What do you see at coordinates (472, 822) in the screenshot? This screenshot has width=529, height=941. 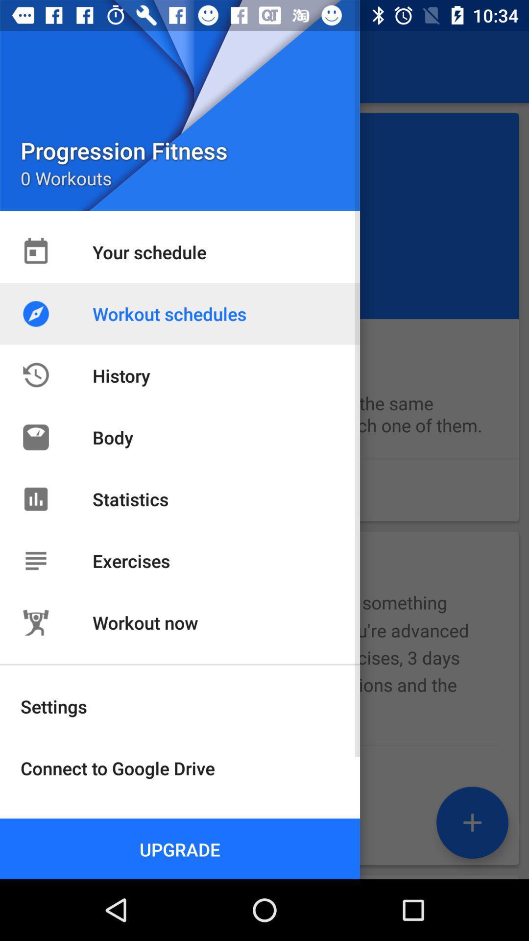 I see `the add icon` at bounding box center [472, 822].